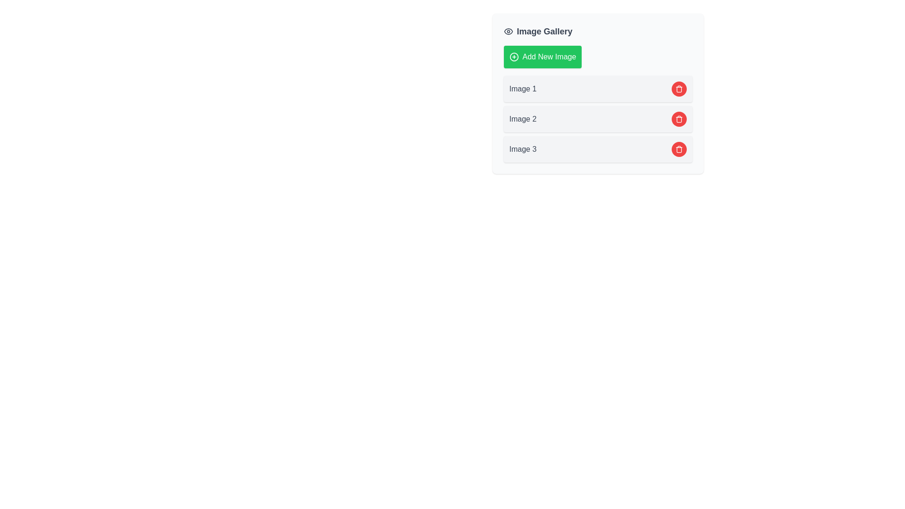 This screenshot has height=509, width=905. I want to click on the circular outline of the 'Add New Image' button, which features a '+' symbol at its center, so click(513, 57).